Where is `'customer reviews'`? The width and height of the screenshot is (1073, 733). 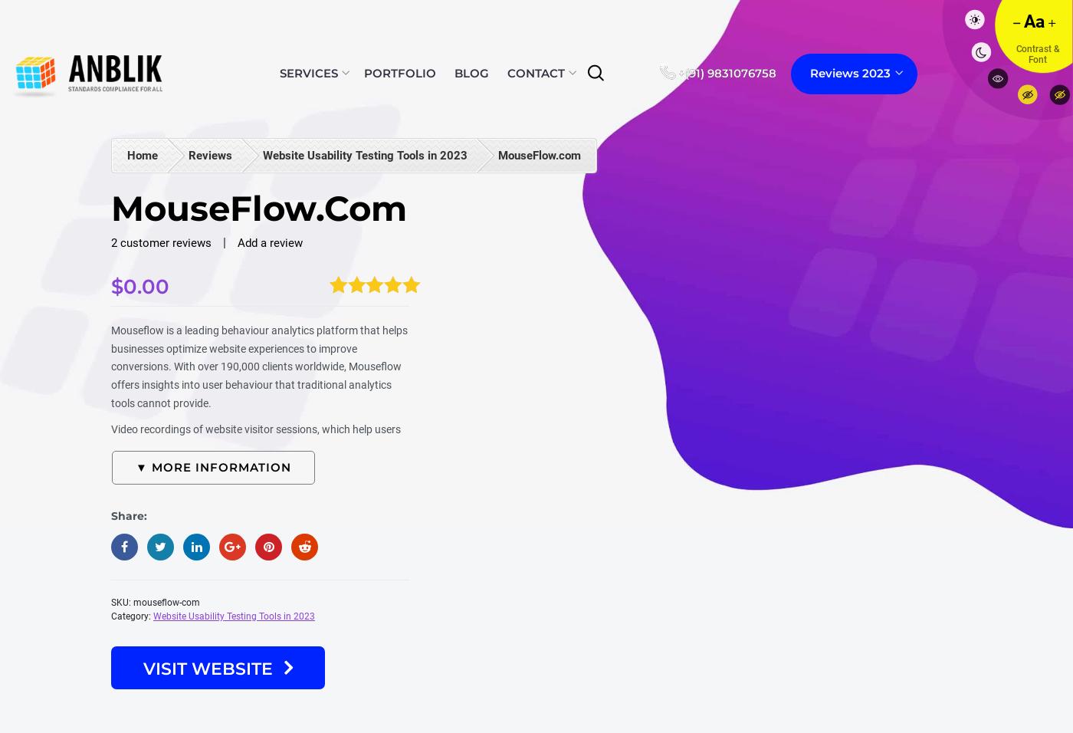
'customer reviews' is located at coordinates (164, 242).